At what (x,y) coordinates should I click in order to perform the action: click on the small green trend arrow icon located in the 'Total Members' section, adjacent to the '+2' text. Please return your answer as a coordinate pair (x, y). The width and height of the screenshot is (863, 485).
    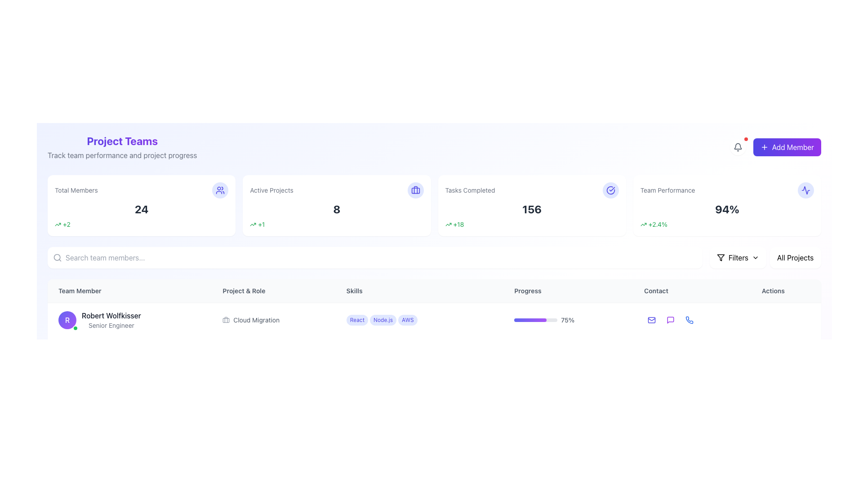
    Looking at the image, I should click on (58, 224).